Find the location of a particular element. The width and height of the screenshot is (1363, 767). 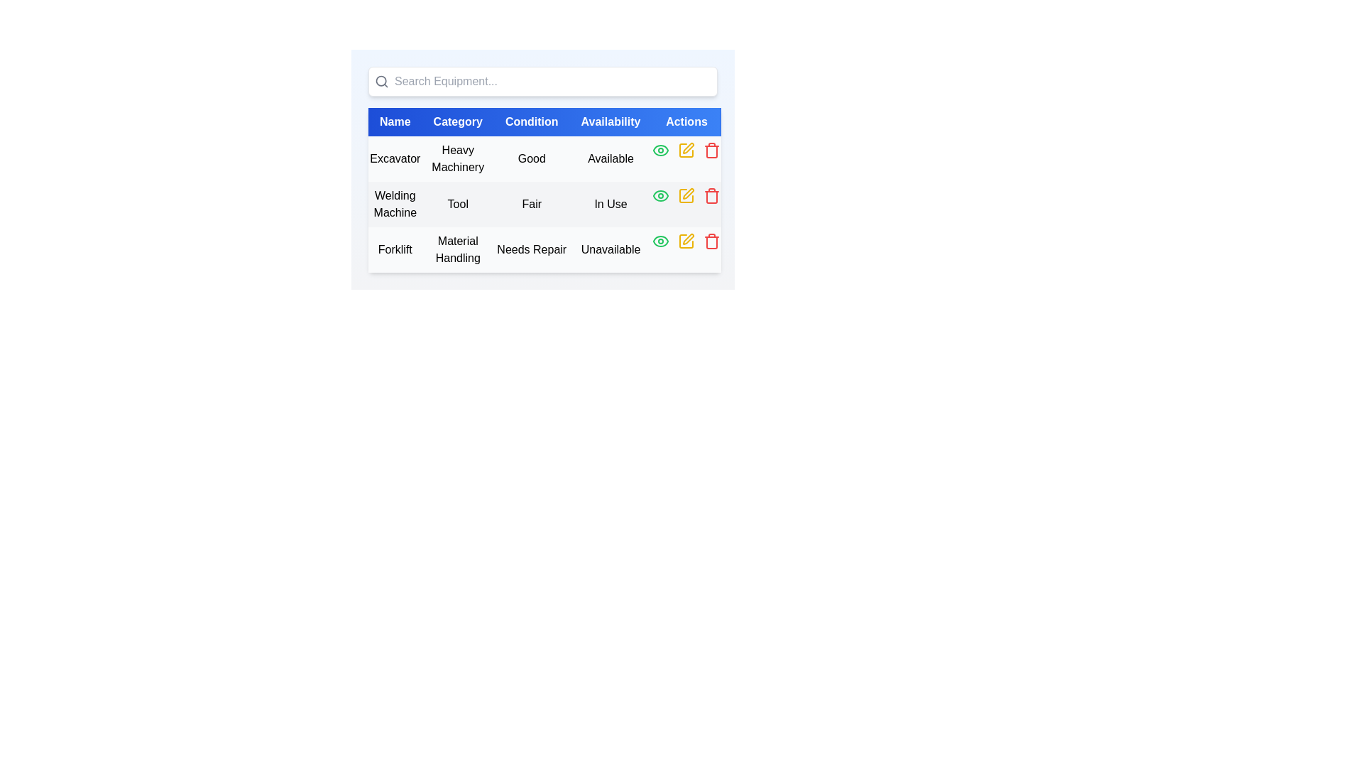

the Icon Button in the 'Actions' column of the second row corresponding to the 'Welding Machine' entry is located at coordinates (686, 196).